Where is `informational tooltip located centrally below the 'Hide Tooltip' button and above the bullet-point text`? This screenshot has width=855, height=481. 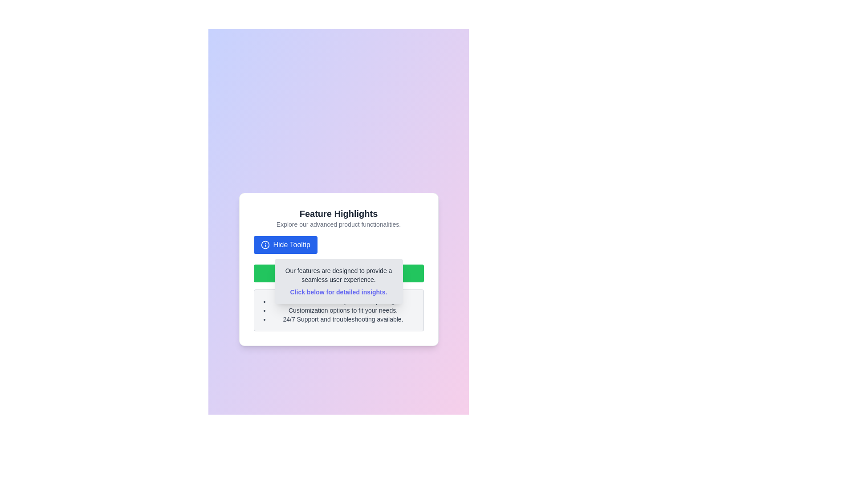
informational tooltip located centrally below the 'Hide Tooltip' button and above the bullet-point text is located at coordinates (338, 281).